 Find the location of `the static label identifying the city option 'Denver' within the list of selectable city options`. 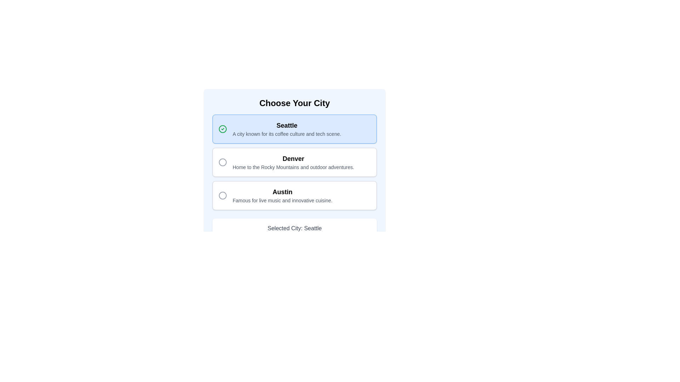

the static label identifying the city option 'Denver' within the list of selectable city options is located at coordinates (293, 158).